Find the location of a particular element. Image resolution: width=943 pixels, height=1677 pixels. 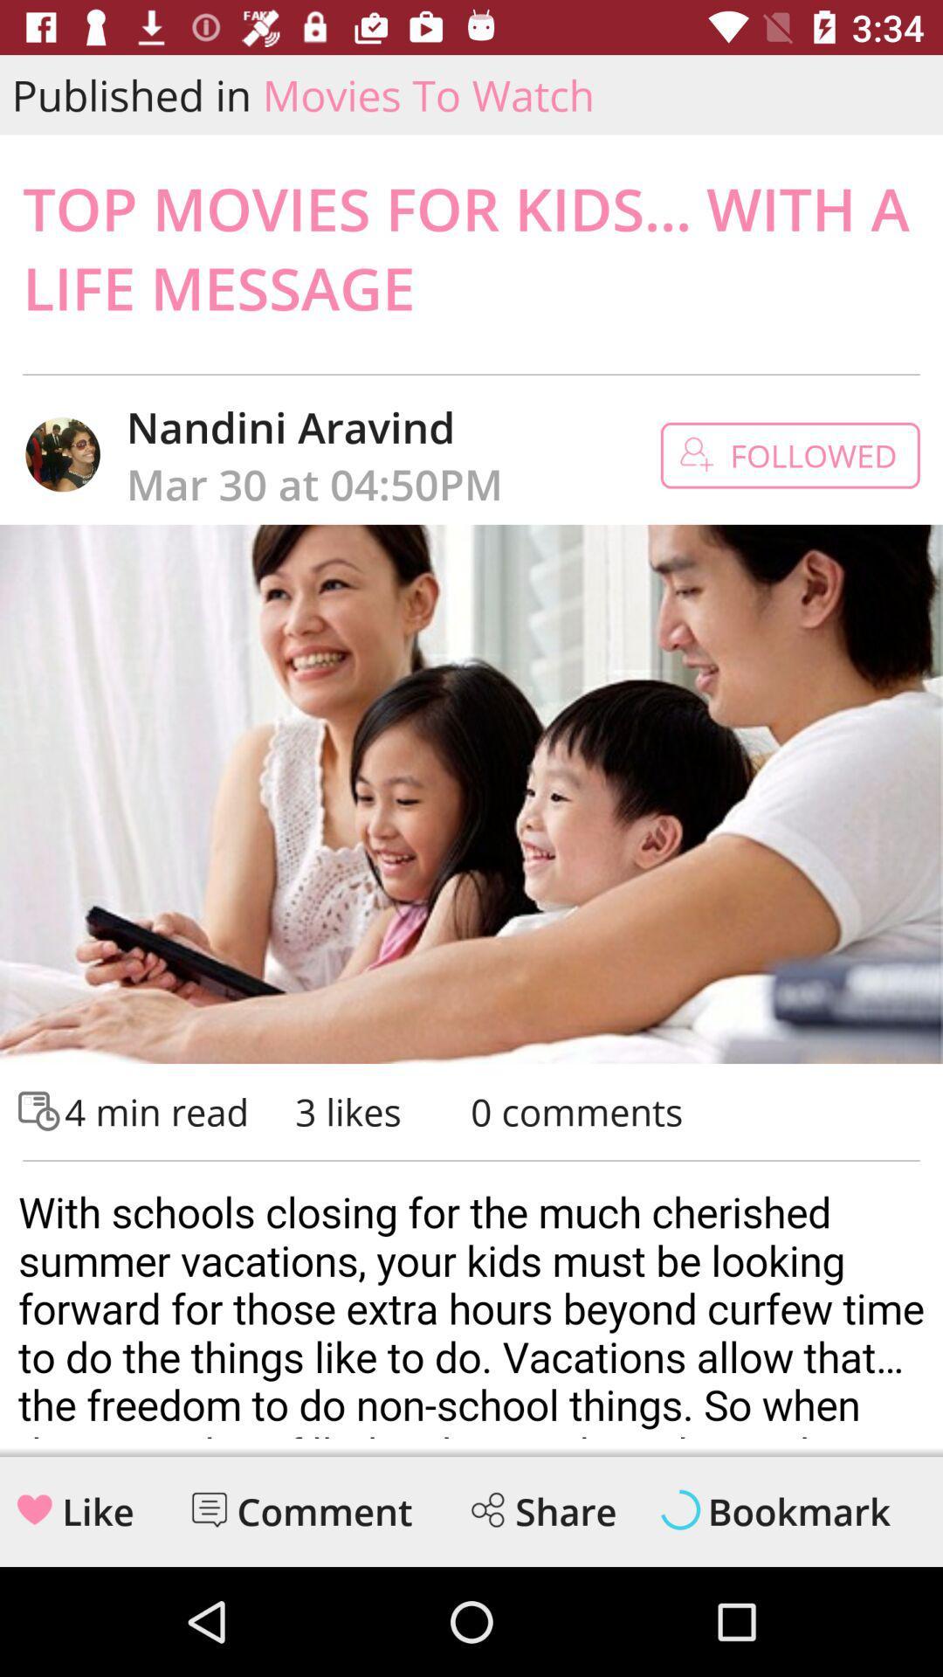

text display screen is located at coordinates (471, 1306).